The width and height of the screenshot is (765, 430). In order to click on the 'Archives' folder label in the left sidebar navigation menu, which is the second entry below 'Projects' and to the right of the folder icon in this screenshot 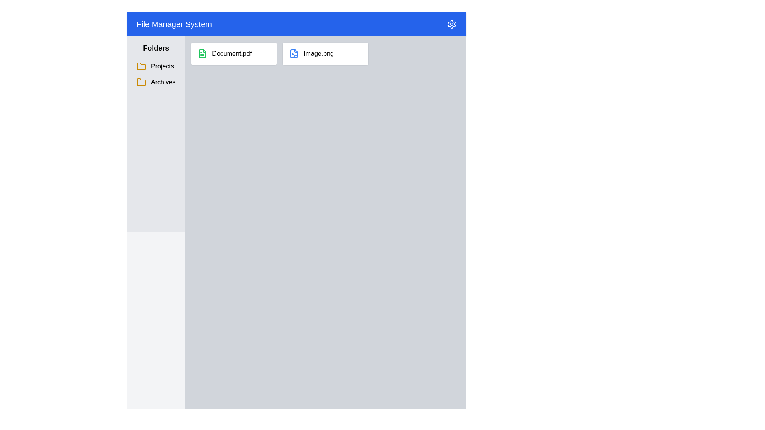, I will do `click(163, 82)`.